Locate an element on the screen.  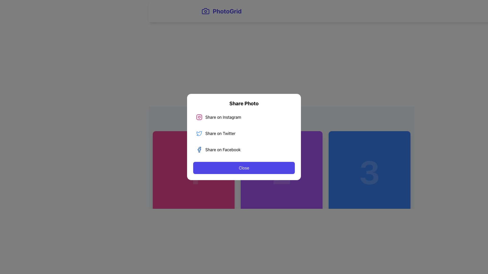
the sharing options in the 'Share Photo' modal dialog, which has a white background and rounded corners, featuring a bold title at the top and a 'Close' button at the bottom is located at coordinates (244, 137).